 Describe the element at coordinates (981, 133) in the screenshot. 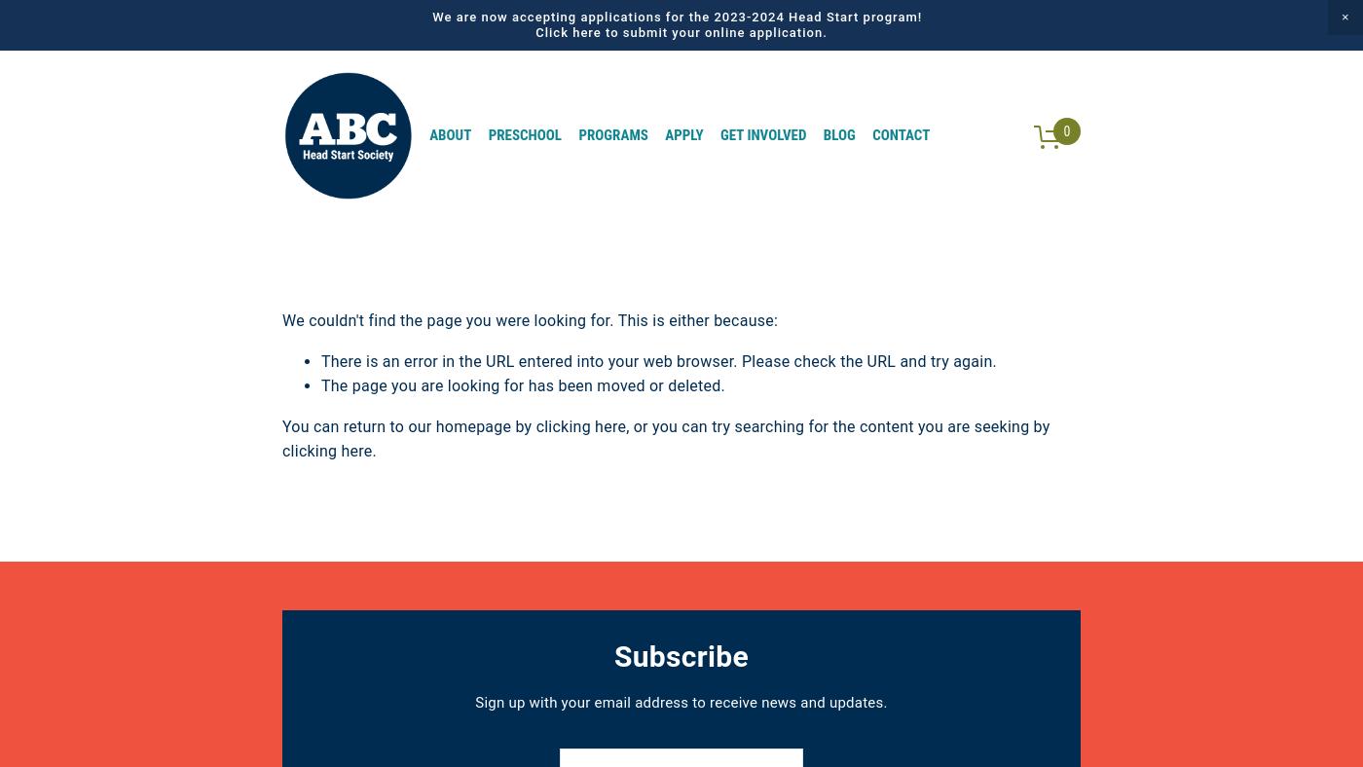

I see `'Donate'` at that location.